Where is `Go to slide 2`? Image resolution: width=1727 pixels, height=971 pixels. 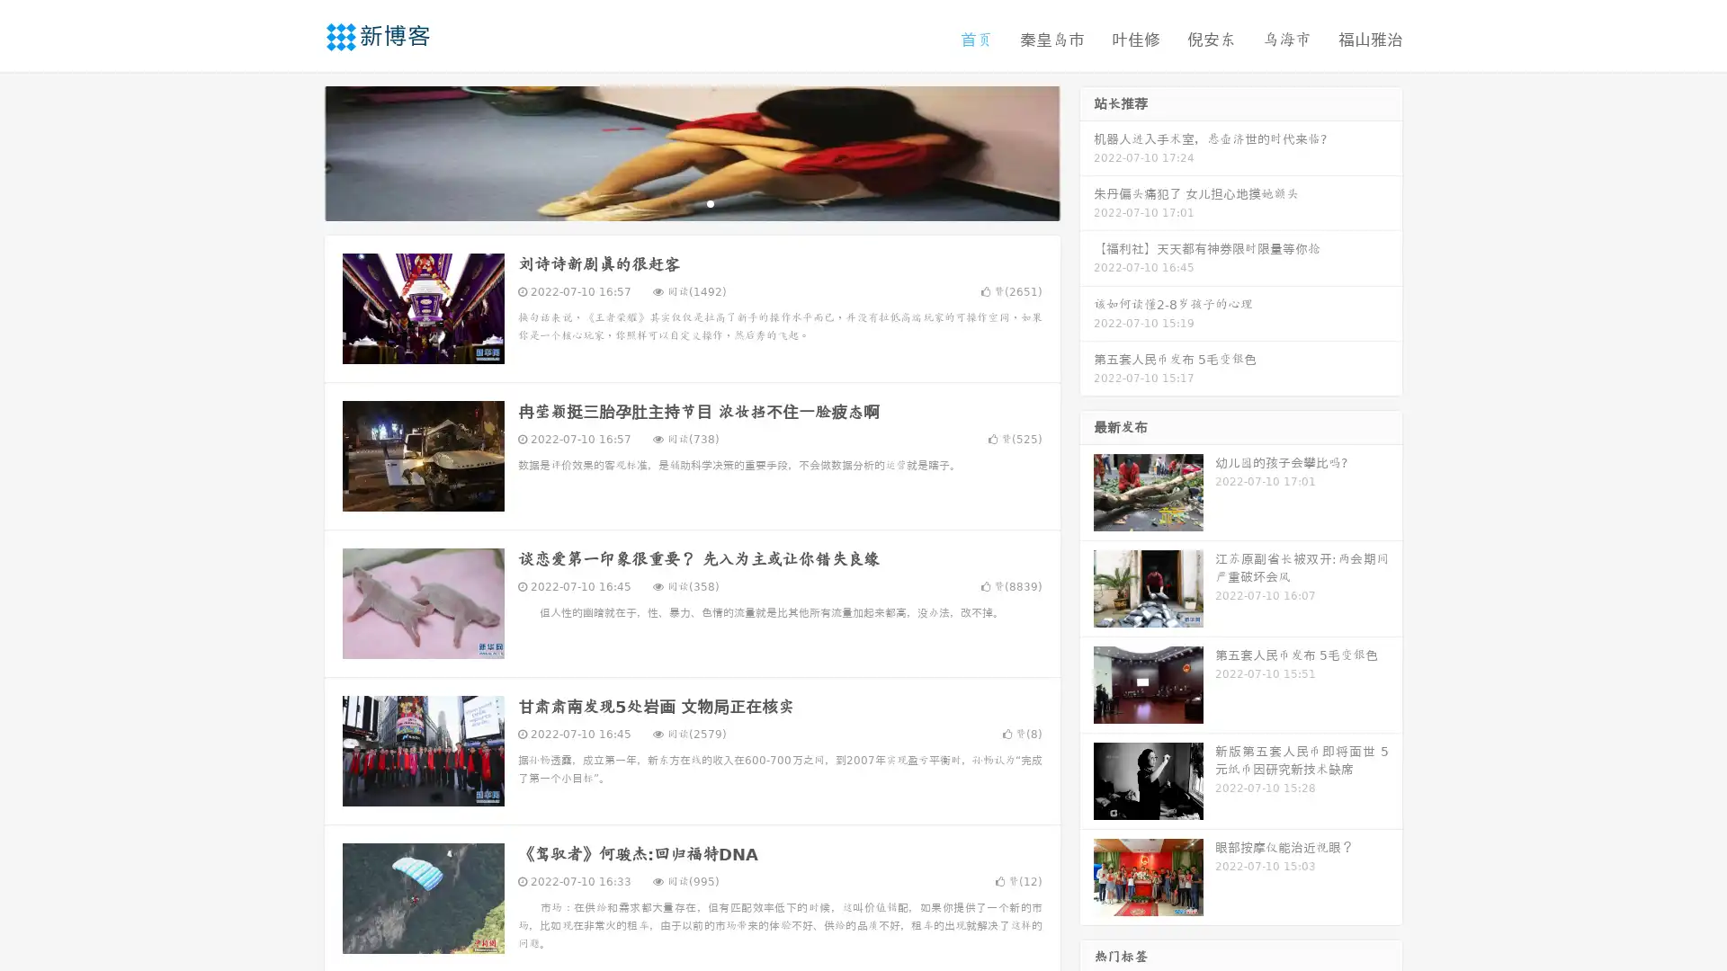
Go to slide 2 is located at coordinates (691, 202).